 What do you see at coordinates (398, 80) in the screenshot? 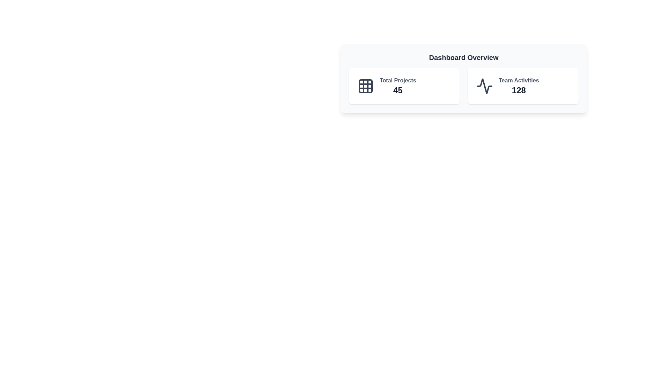
I see `the Text label that signifies the total count of projects, located above the numerical value '45' and to the right of an icon within a card structure on the dashboard` at bounding box center [398, 80].